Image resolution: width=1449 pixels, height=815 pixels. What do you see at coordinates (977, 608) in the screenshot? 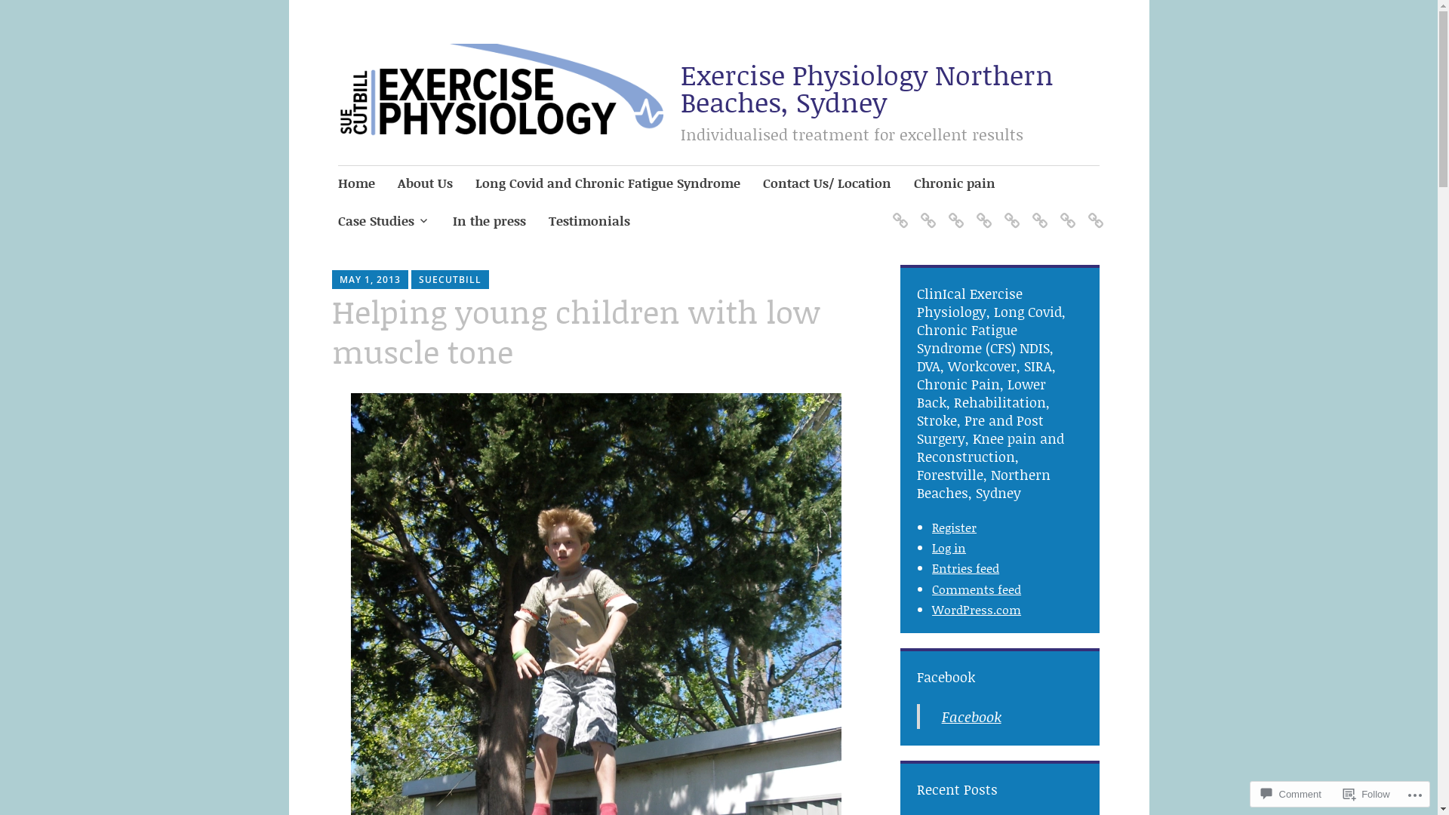
I see `'WordPress.com'` at bounding box center [977, 608].